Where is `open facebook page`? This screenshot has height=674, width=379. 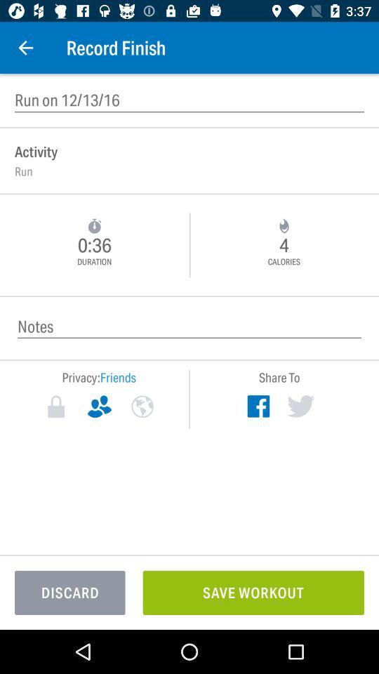 open facebook page is located at coordinates (258, 406).